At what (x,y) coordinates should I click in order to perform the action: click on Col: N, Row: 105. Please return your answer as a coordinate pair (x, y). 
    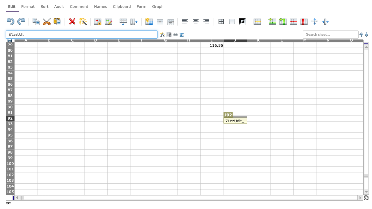
    Looking at the image, I should click on (328, 192).